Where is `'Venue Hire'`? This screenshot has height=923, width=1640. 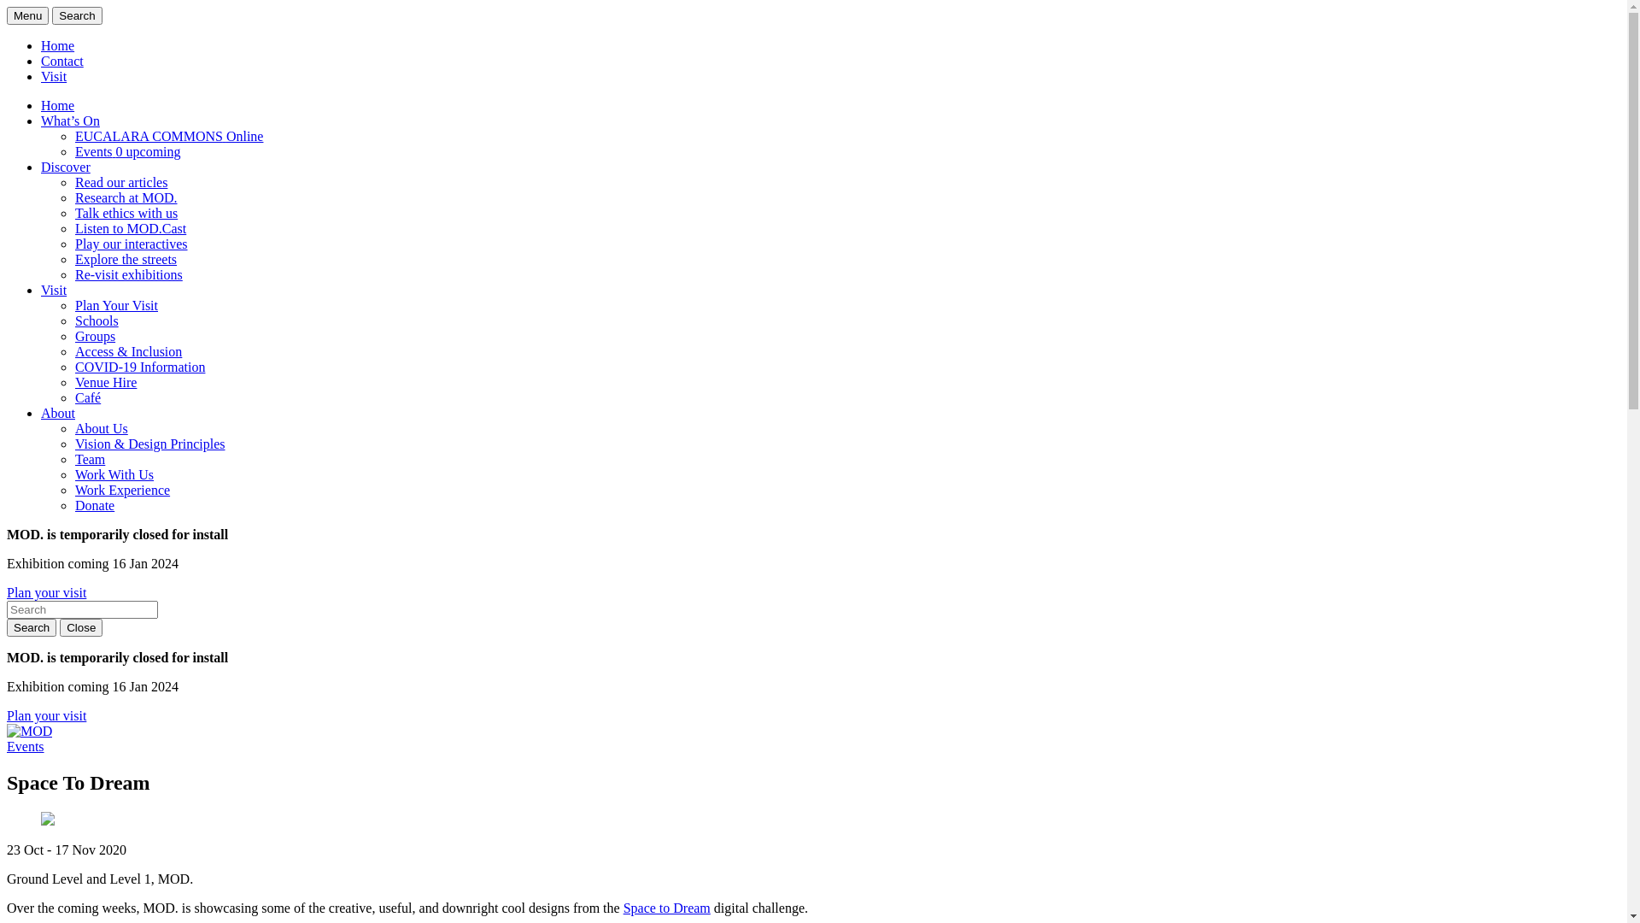 'Venue Hire' is located at coordinates (105, 381).